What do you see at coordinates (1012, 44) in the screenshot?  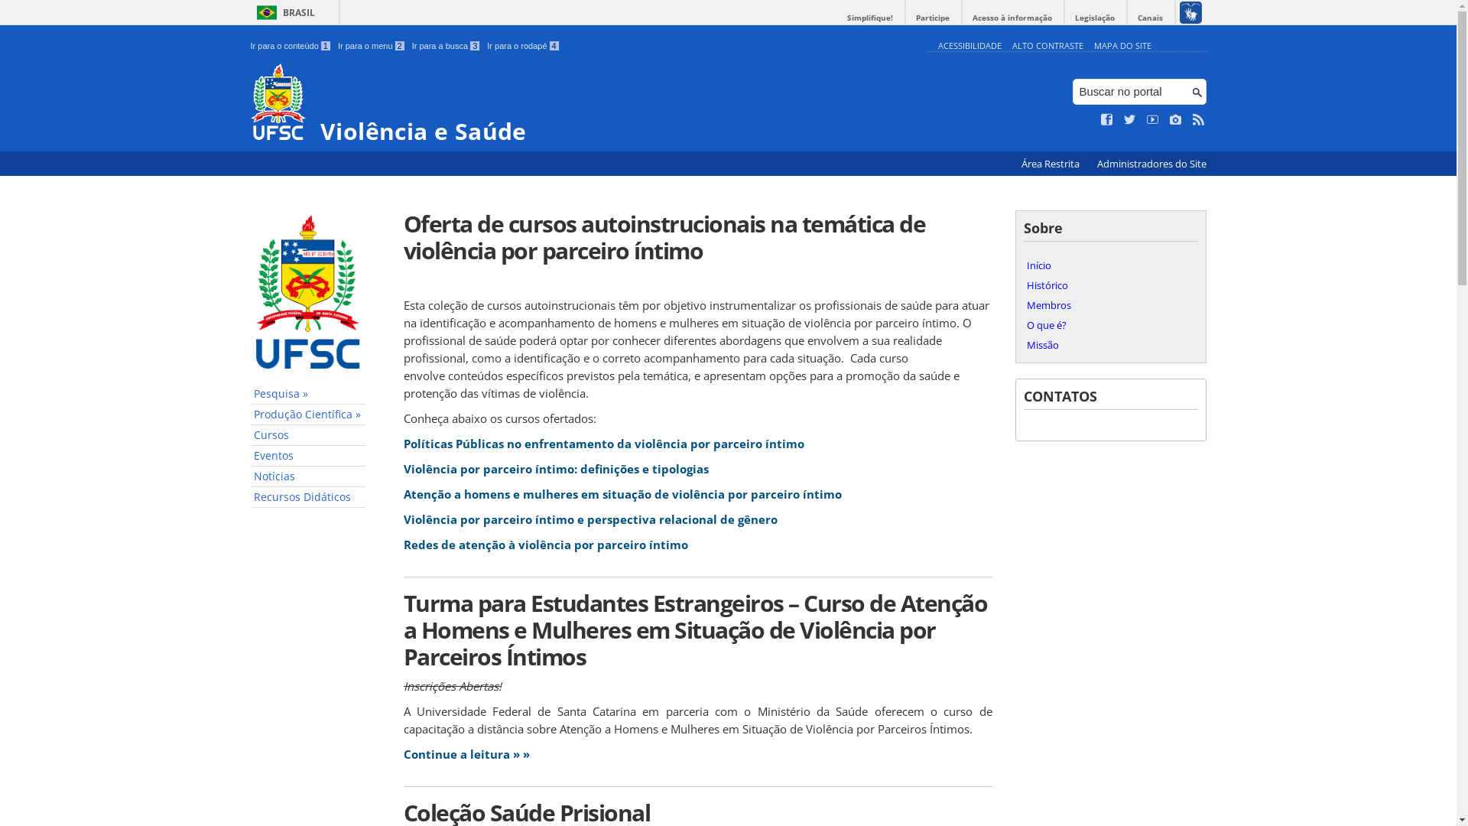 I see `'ALTO CONTRASTE'` at bounding box center [1012, 44].